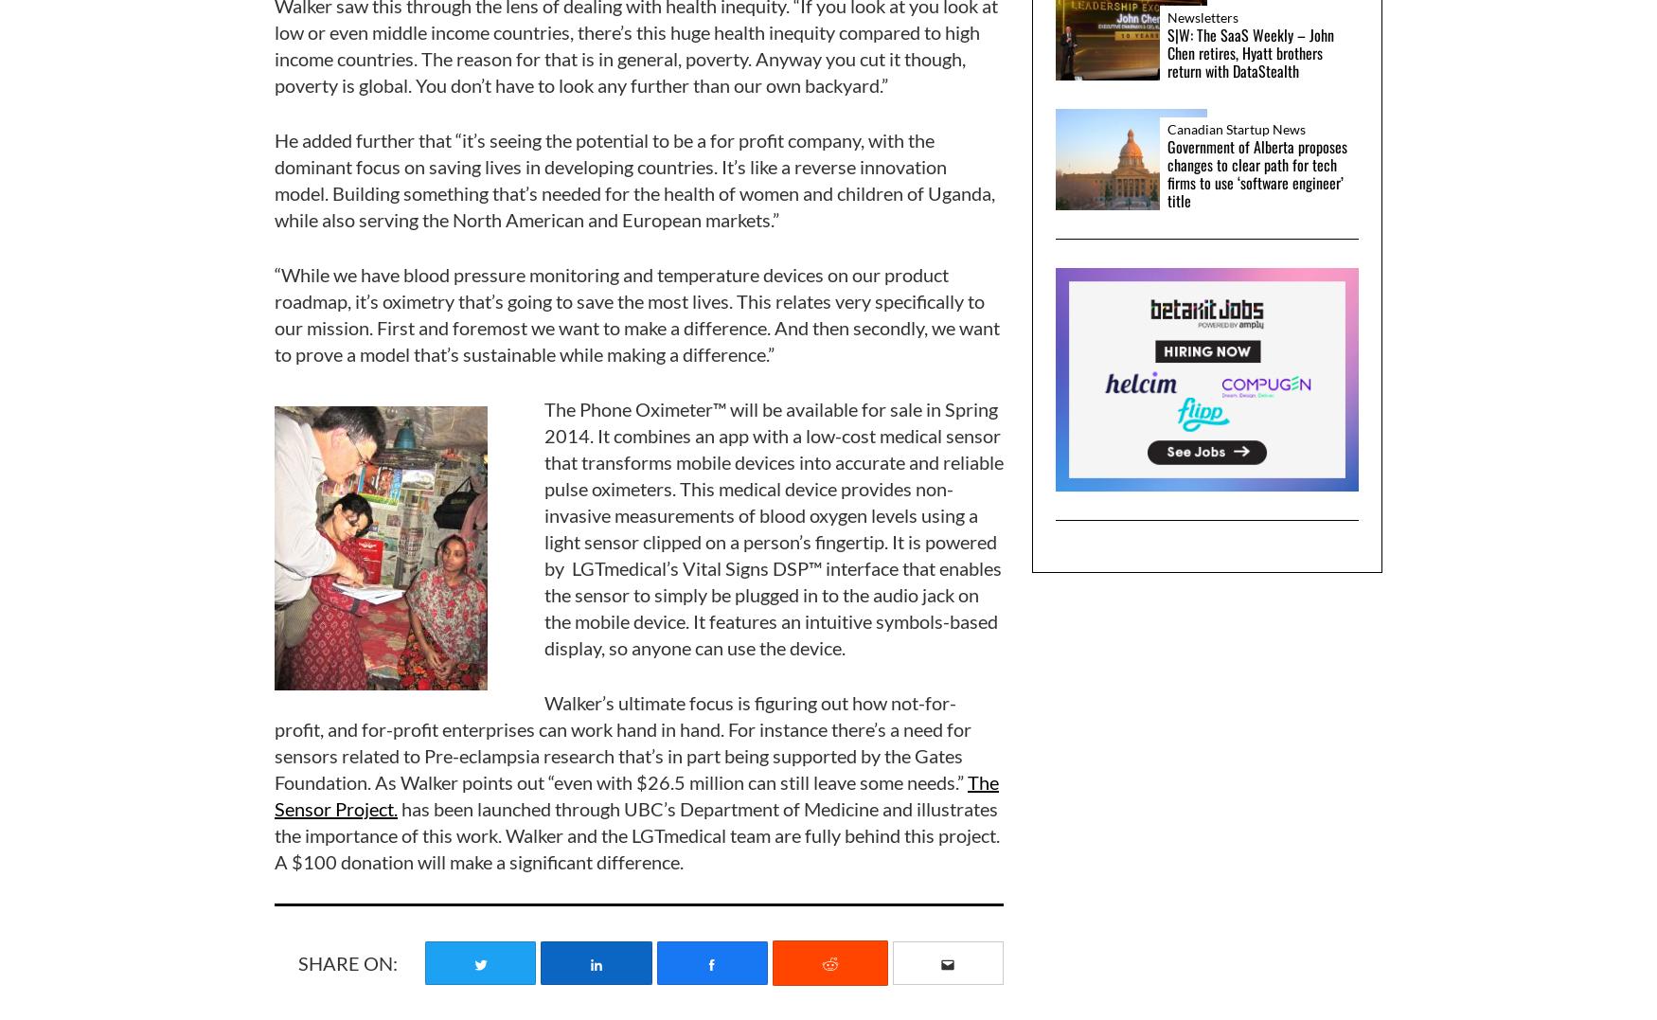 The image size is (1657, 1020). What do you see at coordinates (1167, 128) in the screenshot?
I see `'Canadian Startup News'` at bounding box center [1167, 128].